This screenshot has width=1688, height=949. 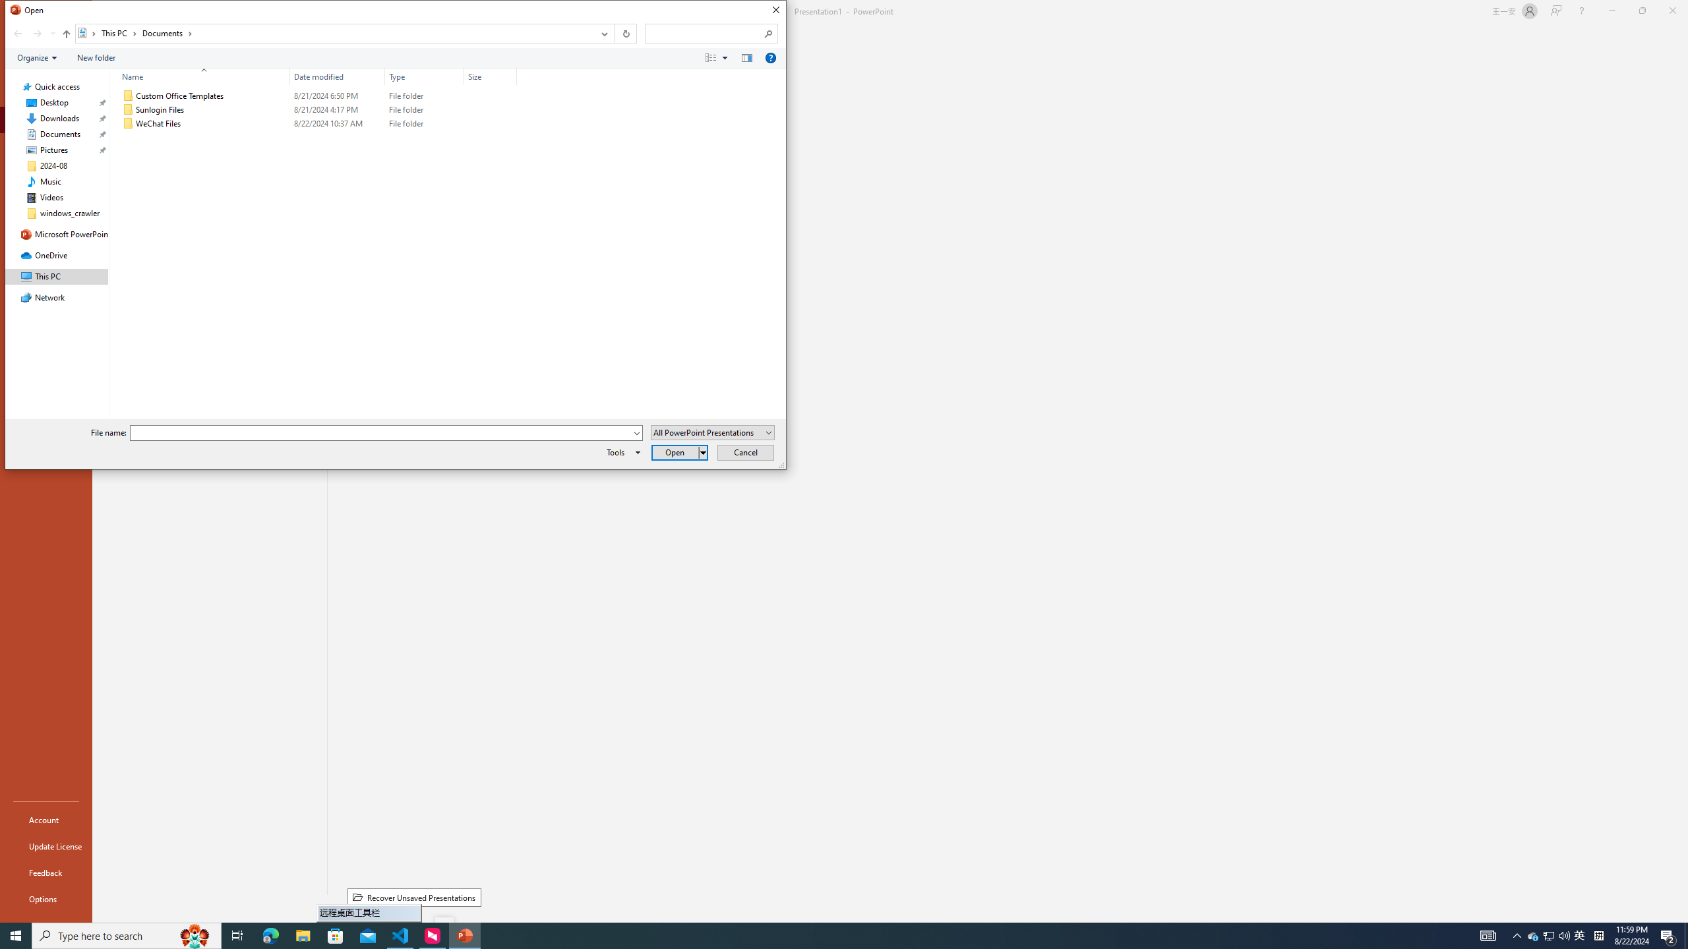 I want to click on 'WeChat Files', so click(x=317, y=123).